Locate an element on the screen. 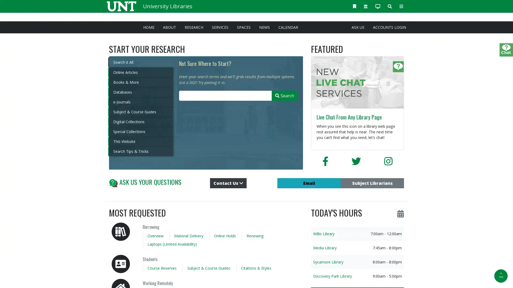 Image resolution: width=513 pixels, height=288 pixels. Open Dialog: Libraries - People and Places is located at coordinates (365, 6).